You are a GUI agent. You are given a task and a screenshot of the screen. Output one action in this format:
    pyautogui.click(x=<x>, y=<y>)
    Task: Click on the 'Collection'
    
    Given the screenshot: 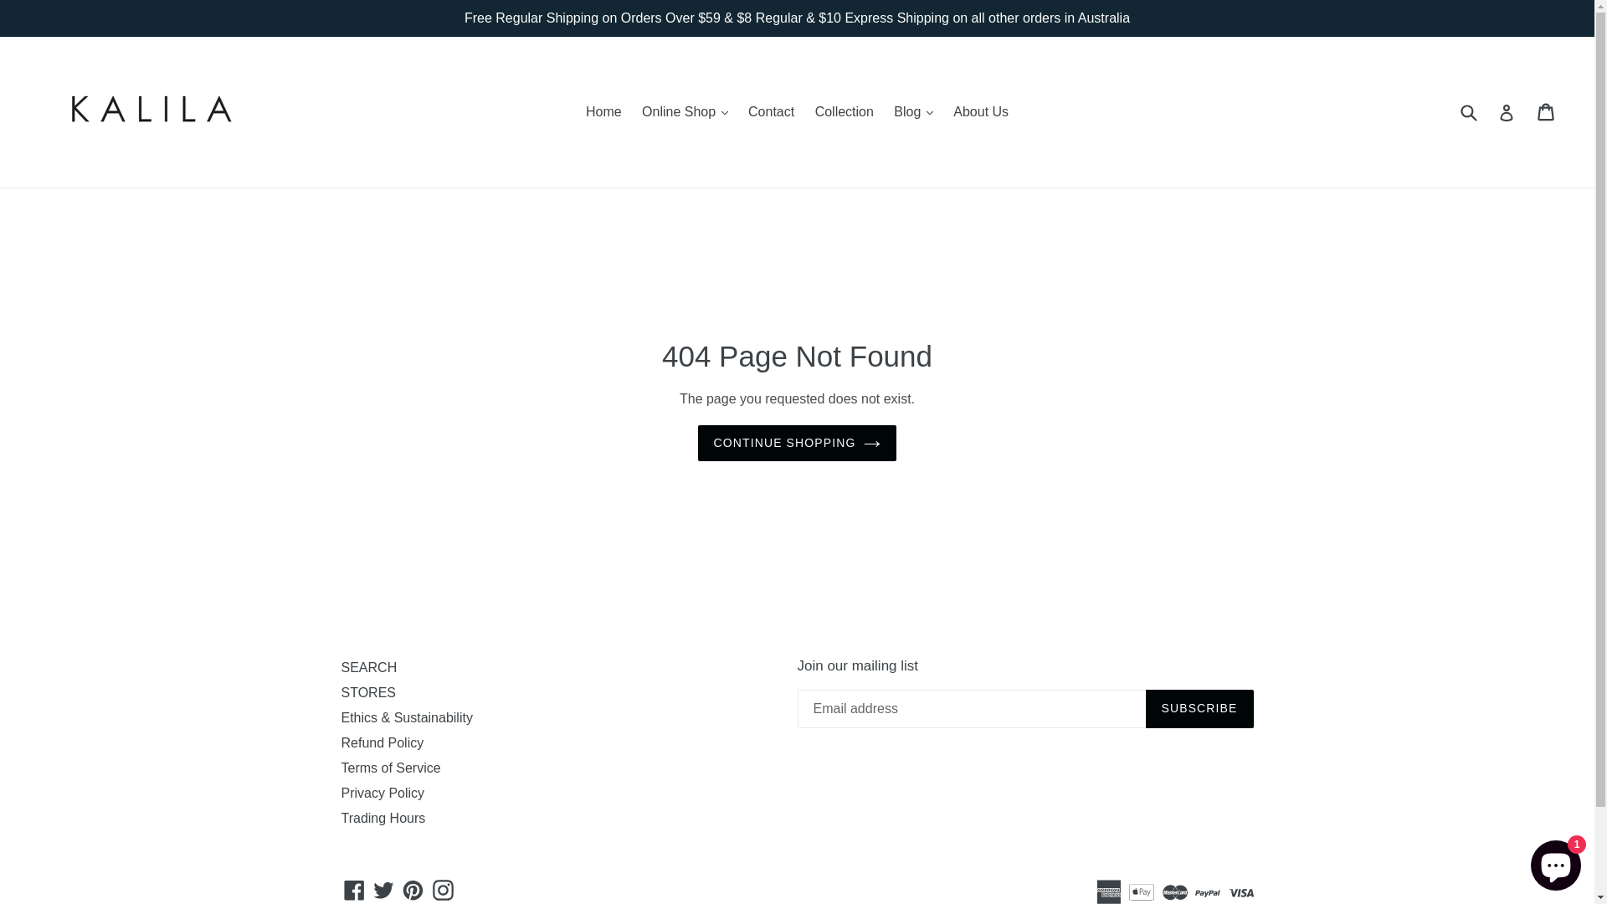 What is the action you would take?
    pyautogui.click(x=844, y=112)
    